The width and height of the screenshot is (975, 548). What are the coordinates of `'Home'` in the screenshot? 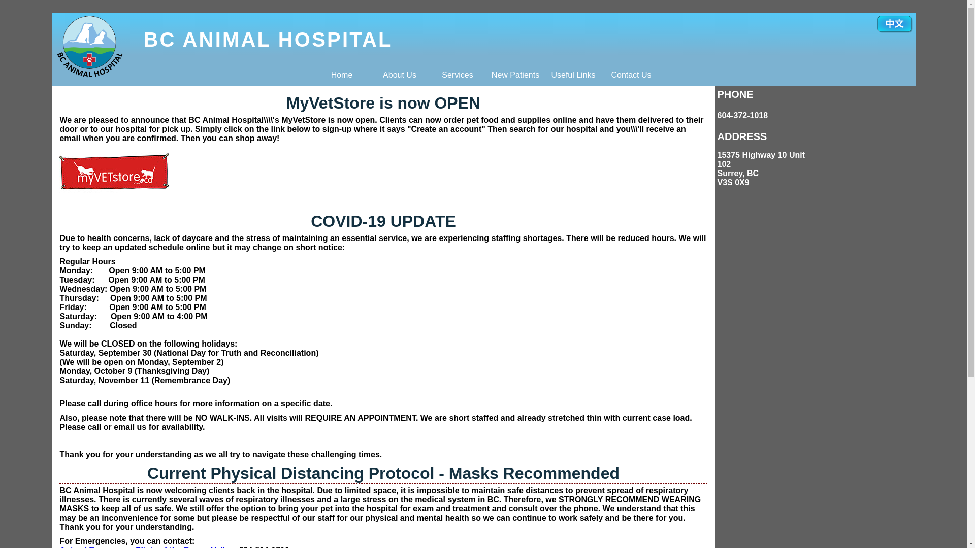 It's located at (341, 75).